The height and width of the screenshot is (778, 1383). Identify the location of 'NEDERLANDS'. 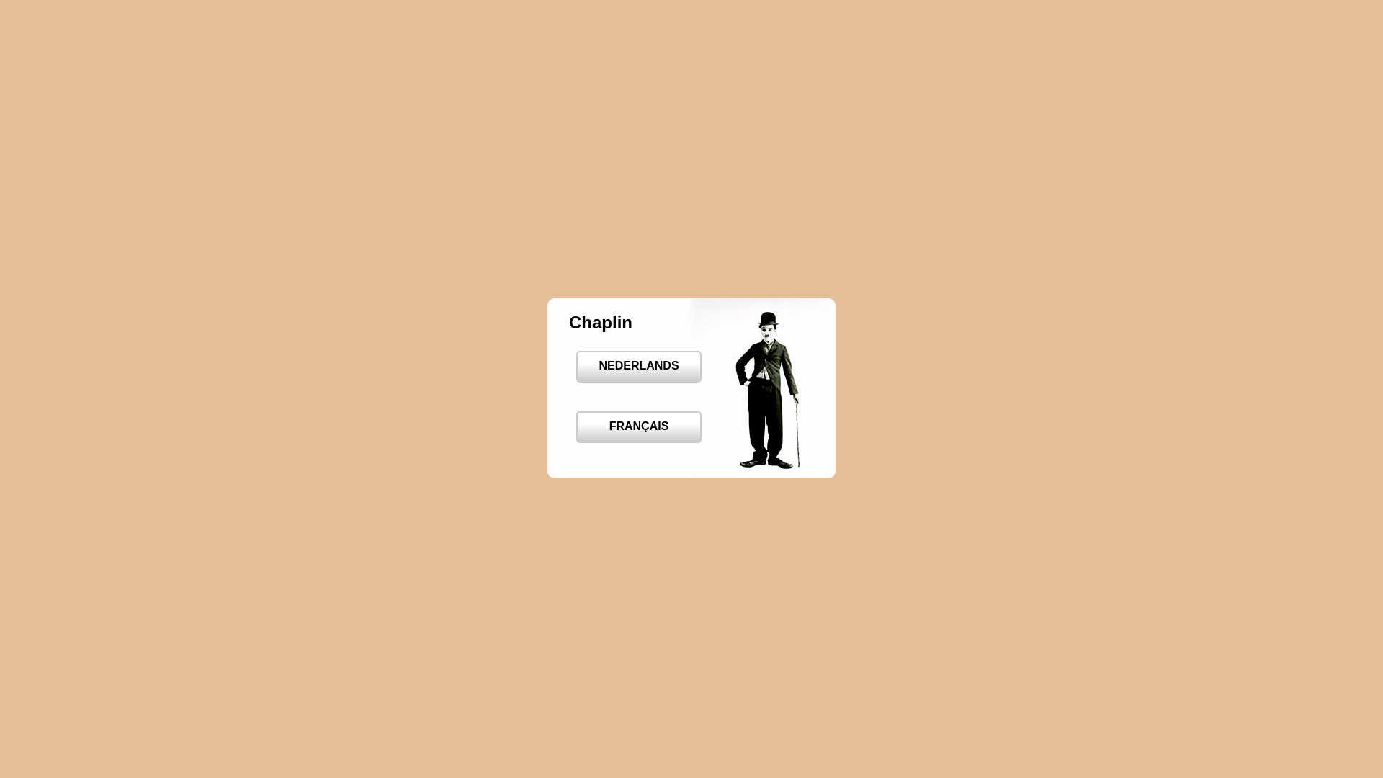
(576, 366).